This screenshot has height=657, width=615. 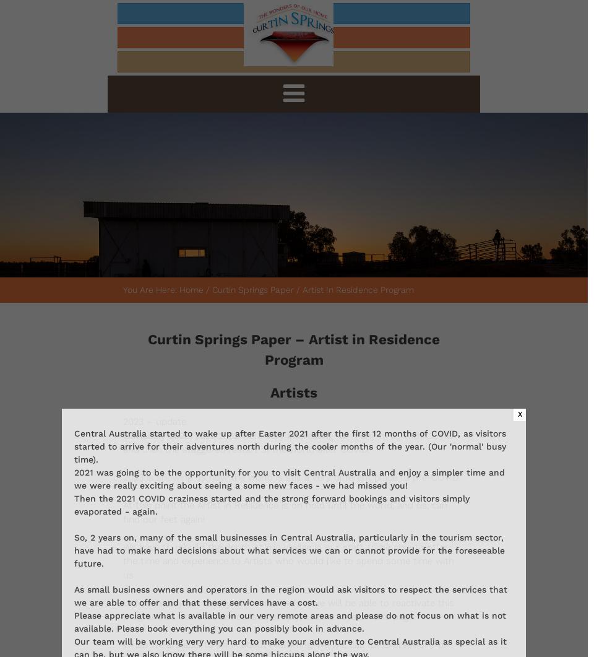 What do you see at coordinates (289, 621) in the screenshot?
I see `'Please appreciate what is available in our very remote areas and please do not focus on what is not available.  Please book everything you can possibly book in advance.'` at bounding box center [289, 621].